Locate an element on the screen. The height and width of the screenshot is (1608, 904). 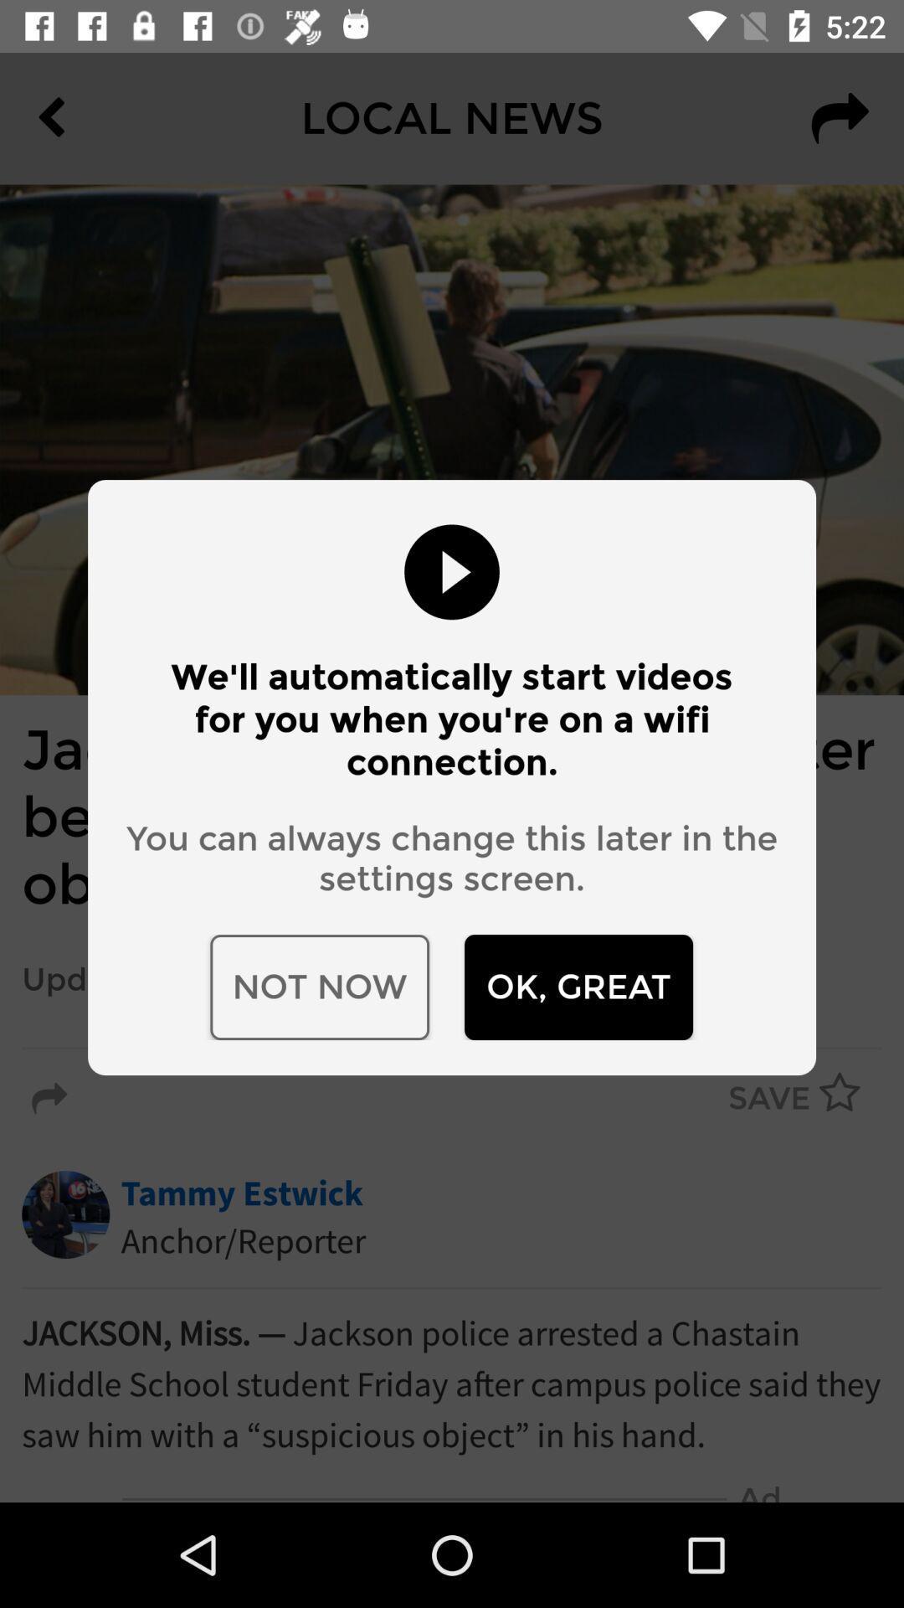
the redo icon is located at coordinates (840, 117).